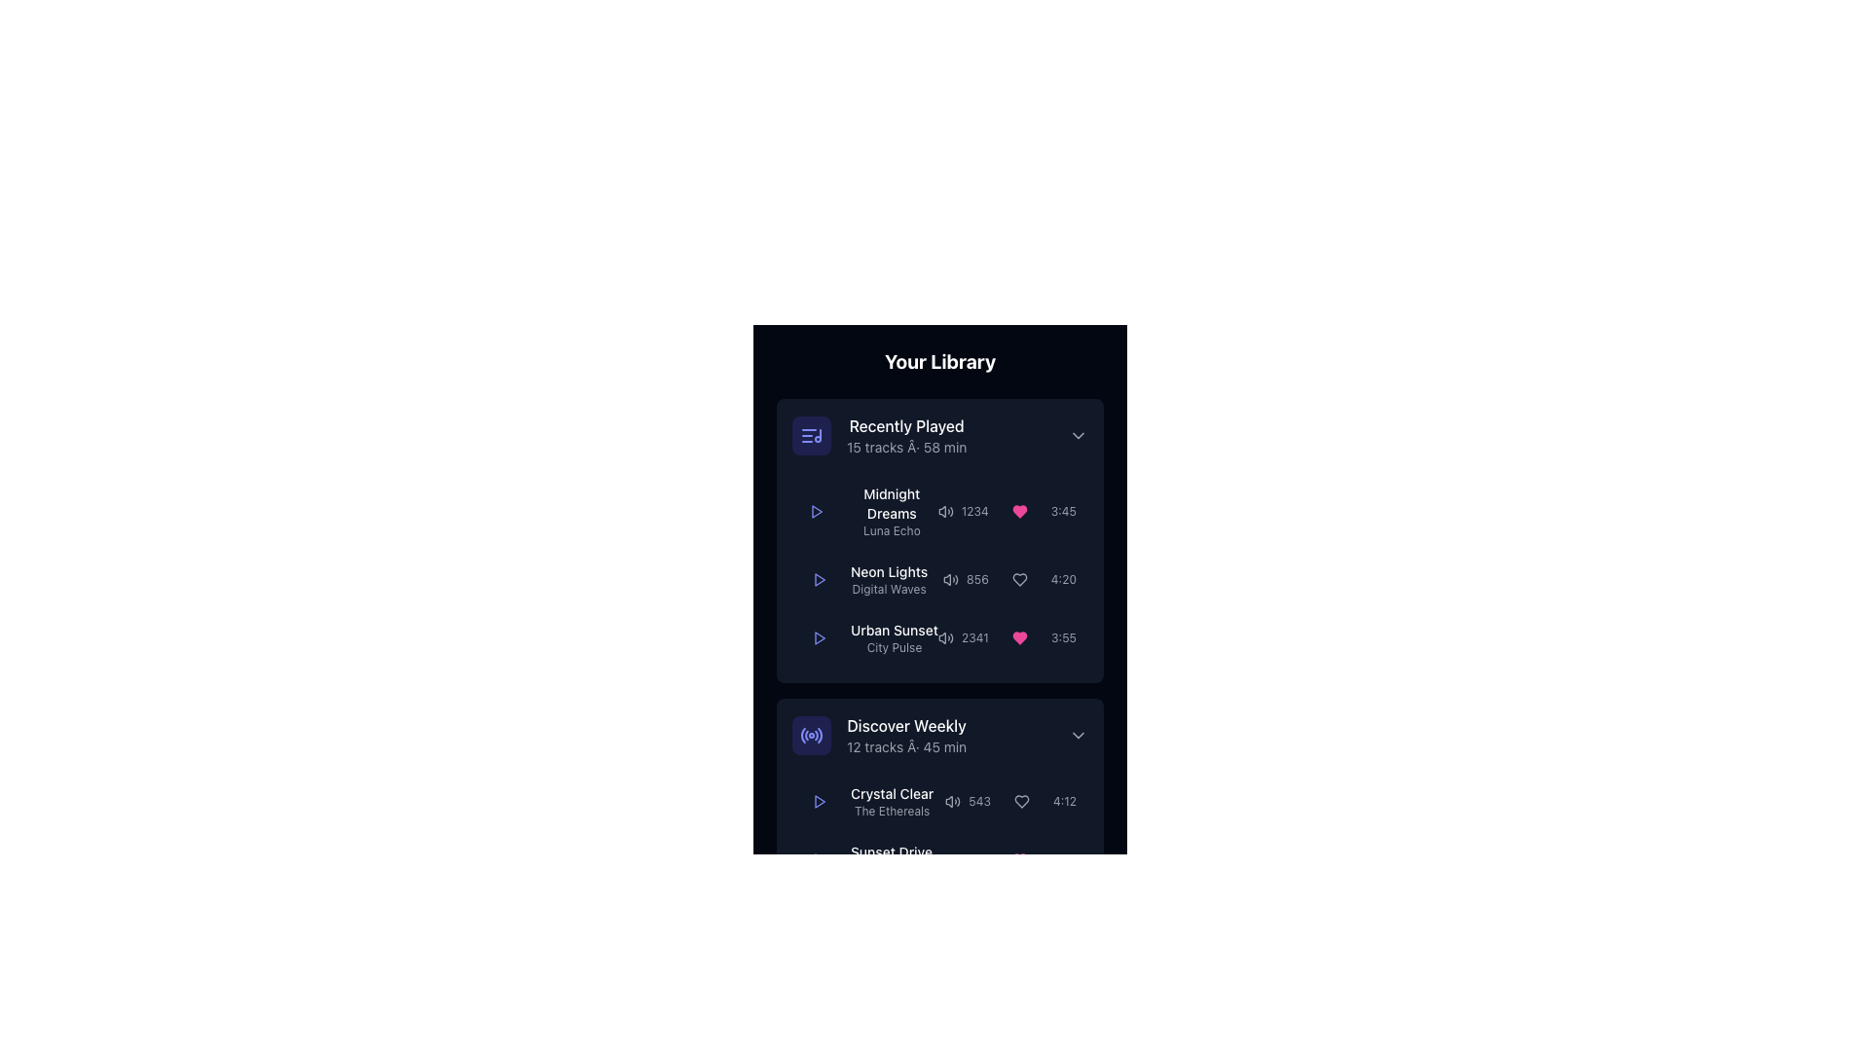 This screenshot has width=1869, height=1051. Describe the element at coordinates (819, 802) in the screenshot. I see `the triangular play icon button outlined in light indigo color located on the right side of the 'Crystal Clear' song entry in the 'Discover Weekly' section` at that location.